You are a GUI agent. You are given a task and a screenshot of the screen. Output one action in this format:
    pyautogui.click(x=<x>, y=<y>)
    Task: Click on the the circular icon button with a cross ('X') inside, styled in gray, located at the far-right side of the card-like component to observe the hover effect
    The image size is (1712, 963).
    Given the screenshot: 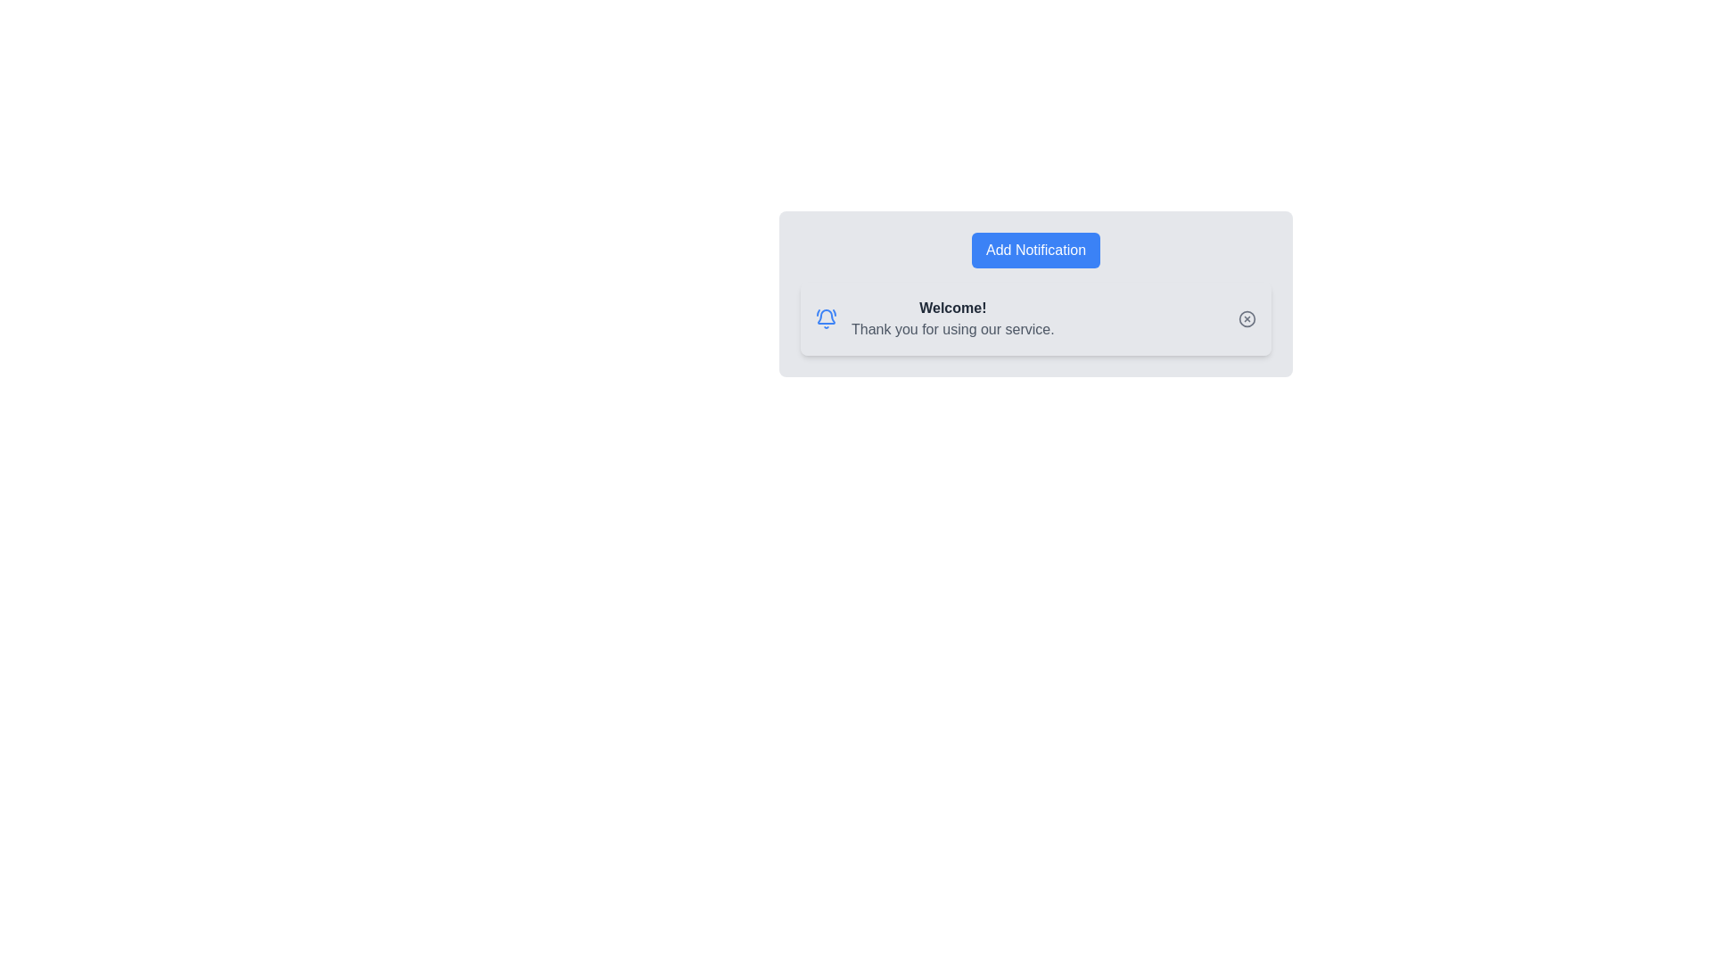 What is the action you would take?
    pyautogui.click(x=1246, y=318)
    